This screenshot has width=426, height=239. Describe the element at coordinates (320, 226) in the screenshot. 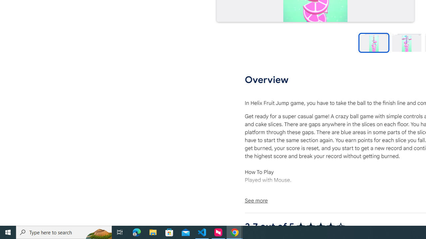

I see `'3.7 out of 5 stars'` at that location.